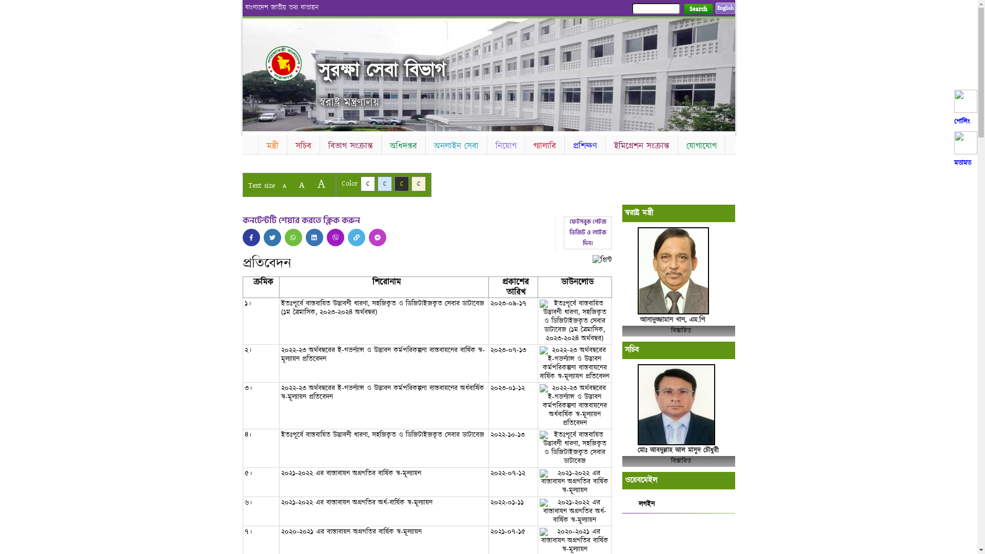 The image size is (985, 554). Describe the element at coordinates (698, 9) in the screenshot. I see `'Search'` at that location.